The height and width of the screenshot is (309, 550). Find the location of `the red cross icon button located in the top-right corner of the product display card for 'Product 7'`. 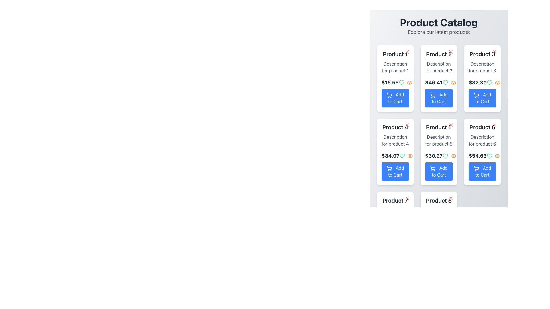

the red cross icon button located in the top-right corner of the product display card for 'Product 7' is located at coordinates (407, 198).